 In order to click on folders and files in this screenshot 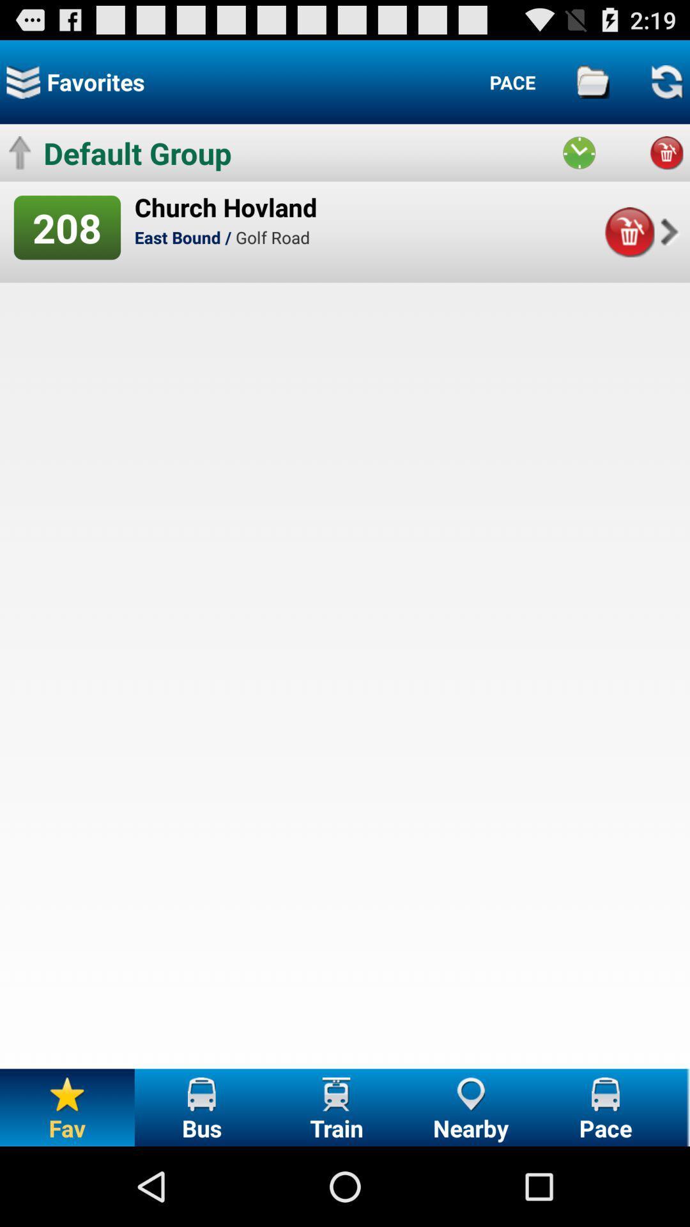, I will do `click(592, 81)`.